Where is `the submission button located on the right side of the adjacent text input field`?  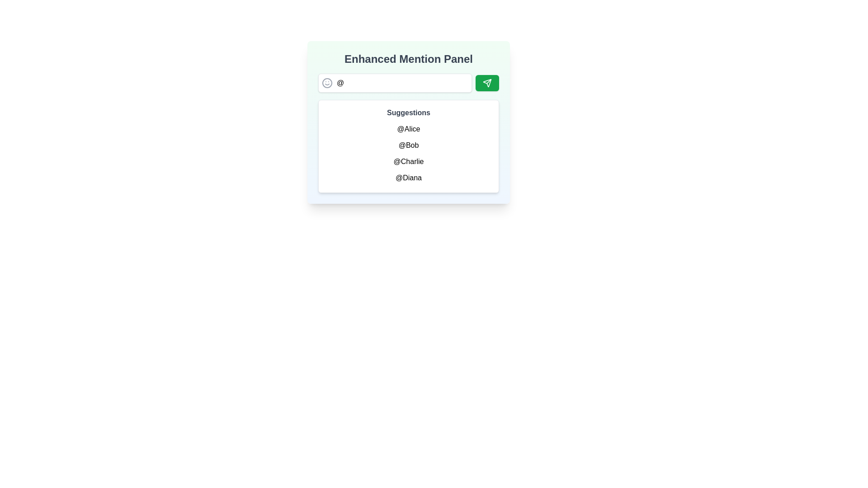 the submission button located on the right side of the adjacent text input field is located at coordinates (487, 83).